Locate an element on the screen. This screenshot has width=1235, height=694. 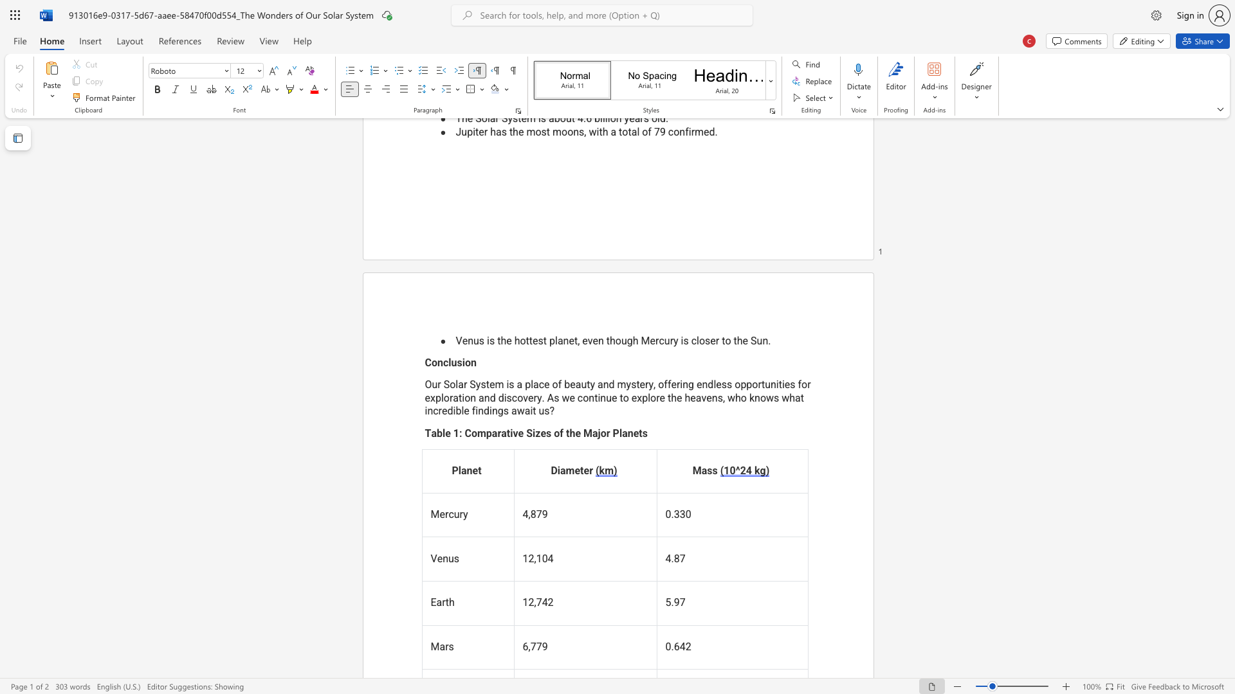
the 1th character "t" in the text is located at coordinates (508, 433).